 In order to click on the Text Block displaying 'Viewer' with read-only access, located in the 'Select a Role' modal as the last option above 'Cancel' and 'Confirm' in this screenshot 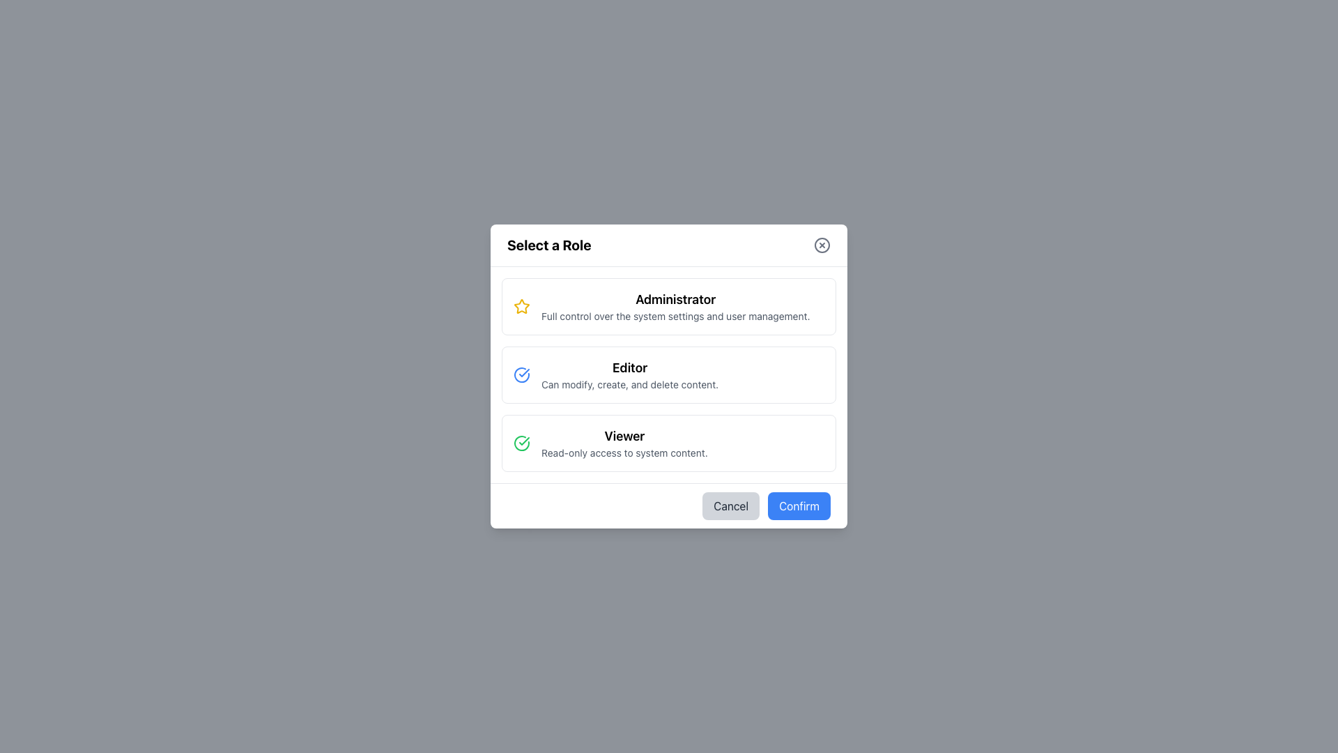, I will do `click(624, 443)`.